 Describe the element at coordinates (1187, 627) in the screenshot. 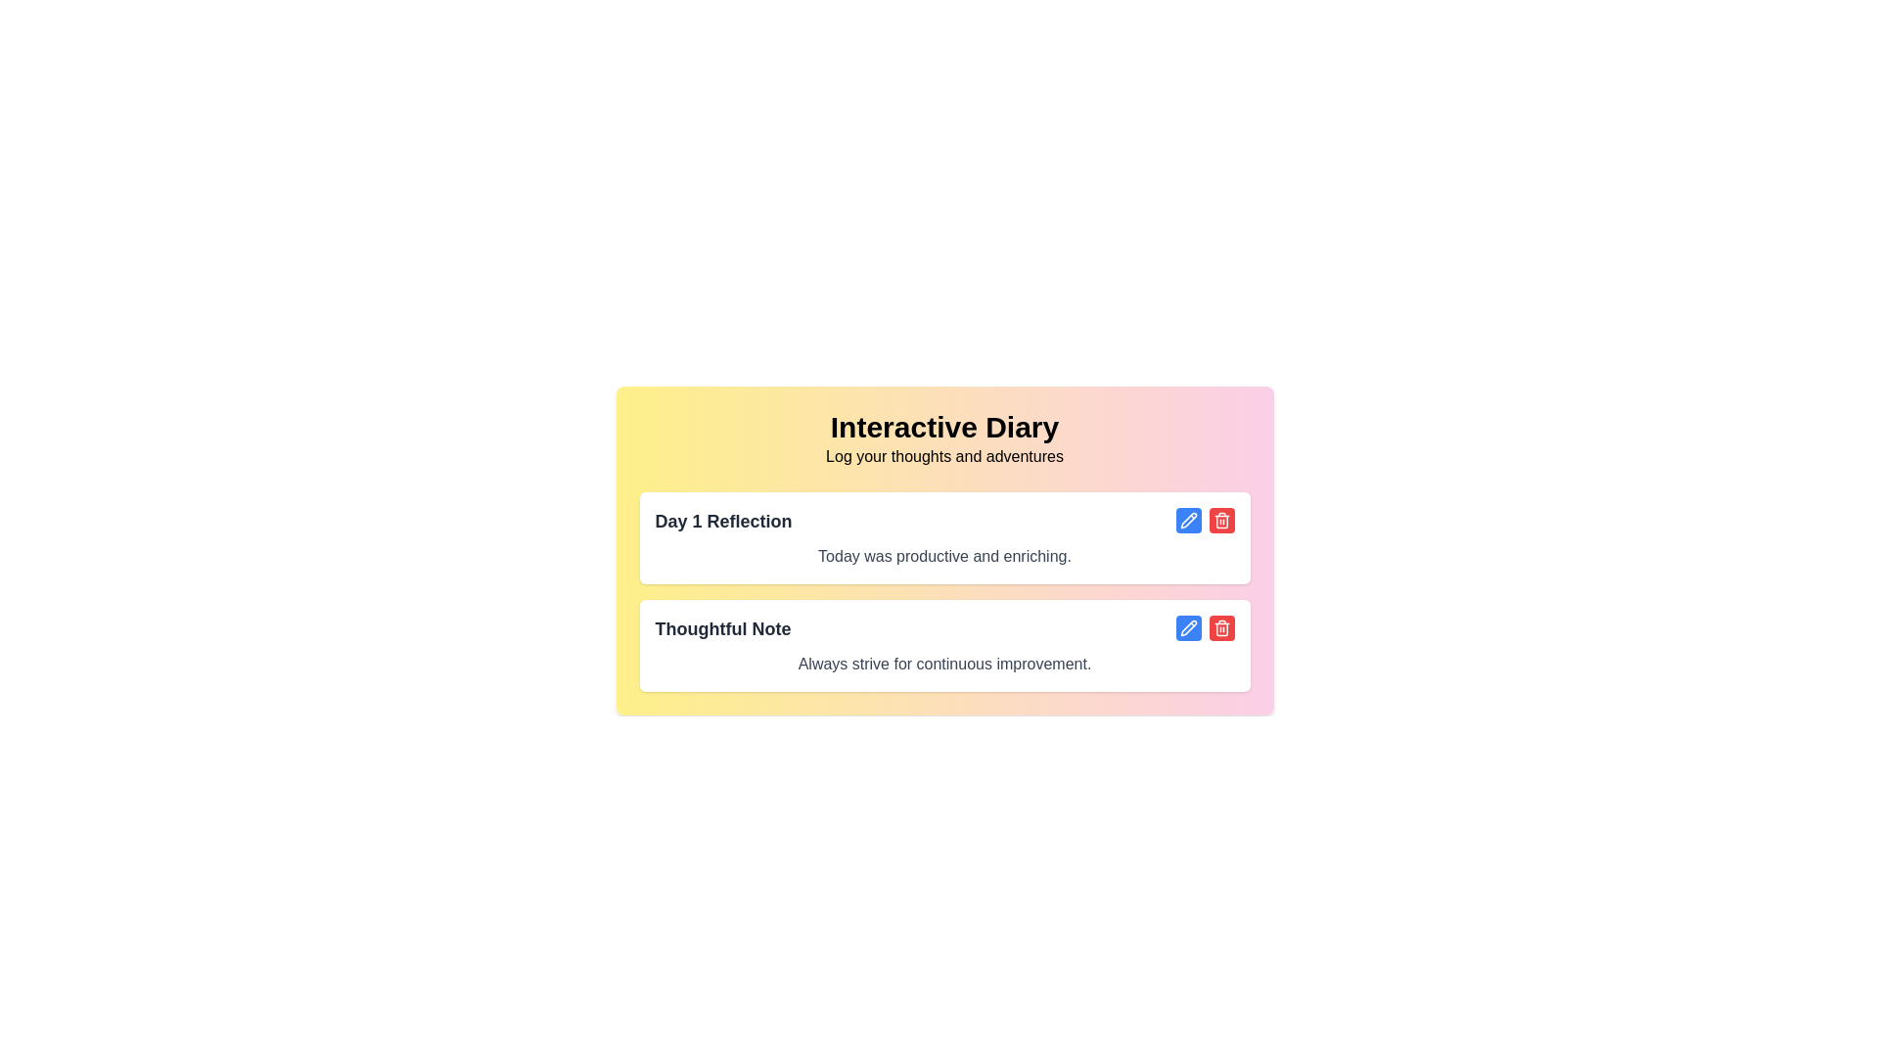

I see `the pencil icon button located on the right side of the 'Thoughtful Note' text box to initiate edit mode for the associated text` at that location.